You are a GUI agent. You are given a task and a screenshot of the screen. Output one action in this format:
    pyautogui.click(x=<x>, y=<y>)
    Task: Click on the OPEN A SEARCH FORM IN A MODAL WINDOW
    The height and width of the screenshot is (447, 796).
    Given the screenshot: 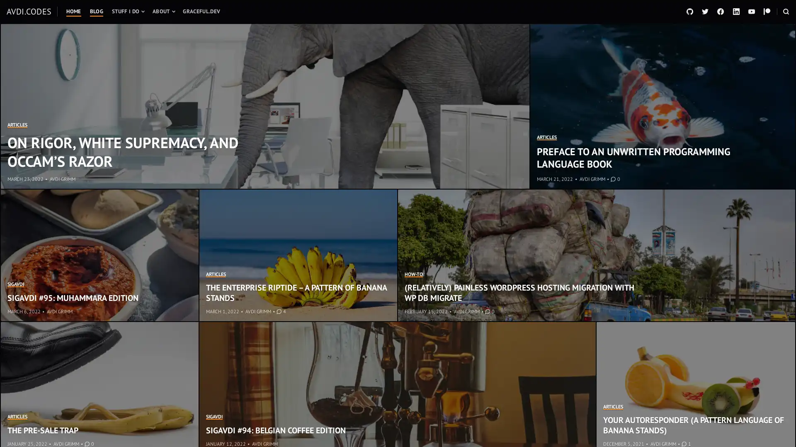 What is the action you would take?
    pyautogui.click(x=786, y=11)
    